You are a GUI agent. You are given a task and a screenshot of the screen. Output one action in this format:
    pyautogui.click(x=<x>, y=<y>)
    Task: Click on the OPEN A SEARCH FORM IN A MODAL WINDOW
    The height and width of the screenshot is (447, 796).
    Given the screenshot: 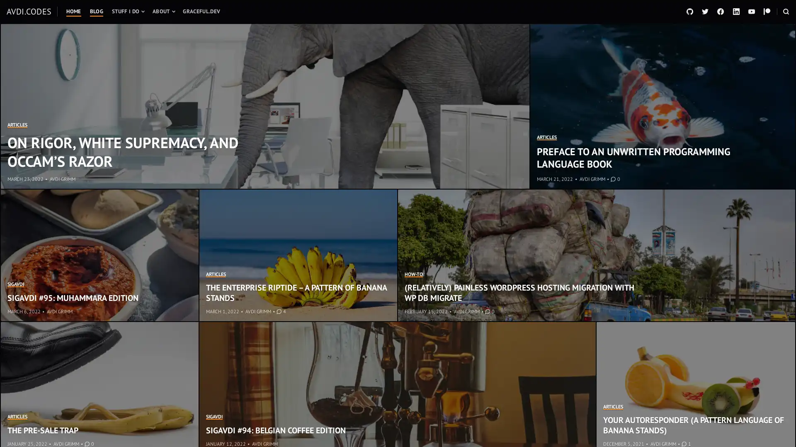 What is the action you would take?
    pyautogui.click(x=786, y=11)
    